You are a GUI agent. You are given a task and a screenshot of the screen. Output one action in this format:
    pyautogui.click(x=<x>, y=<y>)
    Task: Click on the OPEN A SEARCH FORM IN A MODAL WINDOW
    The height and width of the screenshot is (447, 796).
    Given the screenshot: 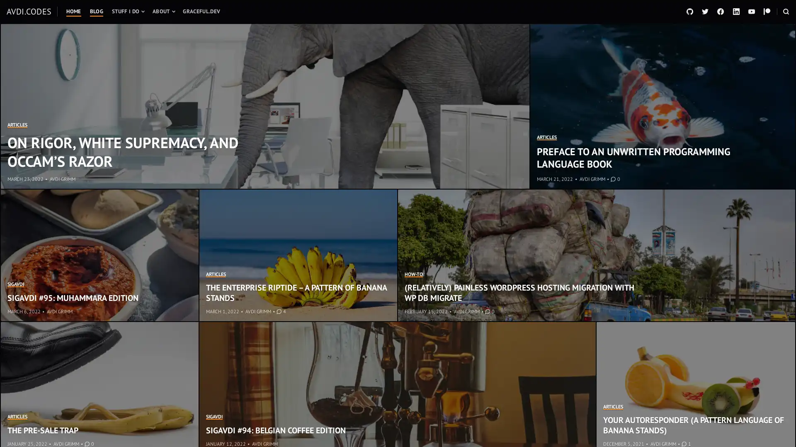 What is the action you would take?
    pyautogui.click(x=786, y=11)
    